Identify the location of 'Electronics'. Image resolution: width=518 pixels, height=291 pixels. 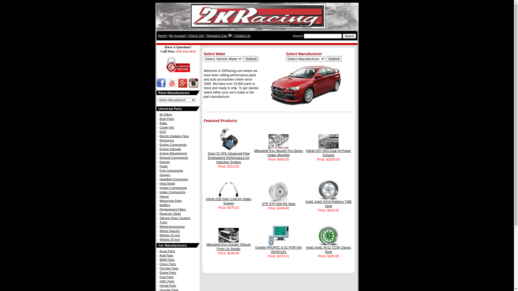
(167, 140).